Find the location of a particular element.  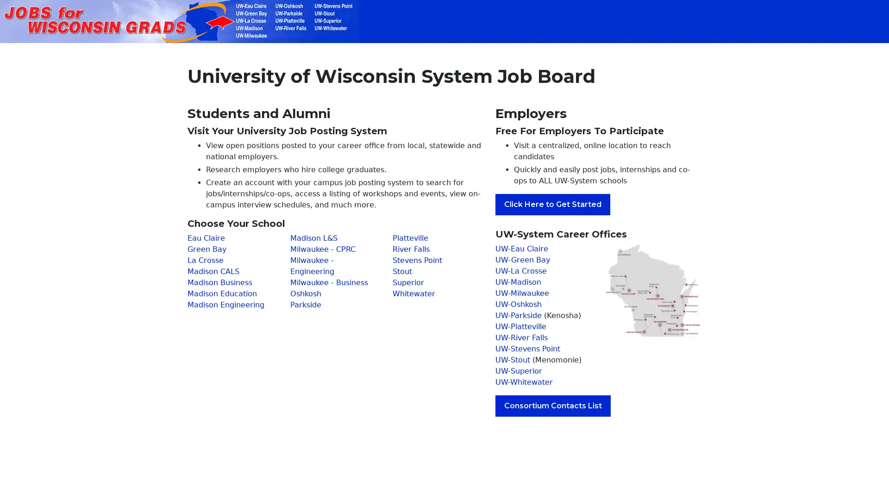

Click Here to Get Started is located at coordinates (553, 203).